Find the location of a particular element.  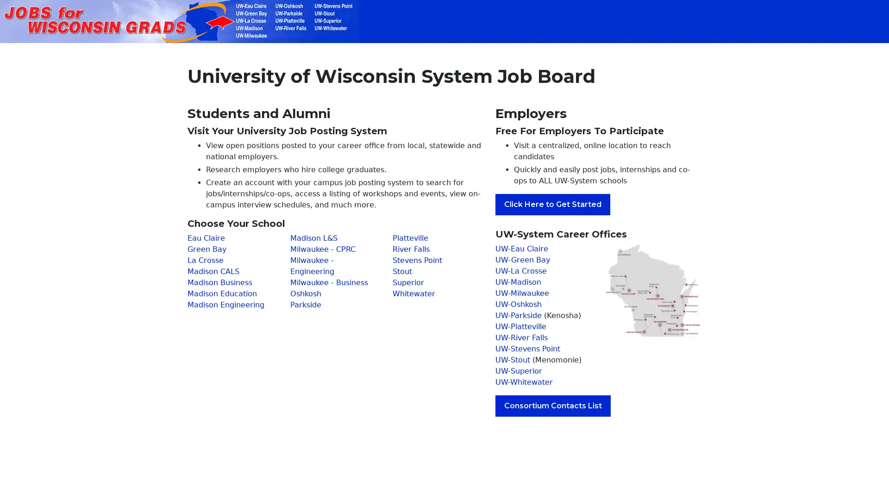

Click Here to Get Started is located at coordinates (553, 203).